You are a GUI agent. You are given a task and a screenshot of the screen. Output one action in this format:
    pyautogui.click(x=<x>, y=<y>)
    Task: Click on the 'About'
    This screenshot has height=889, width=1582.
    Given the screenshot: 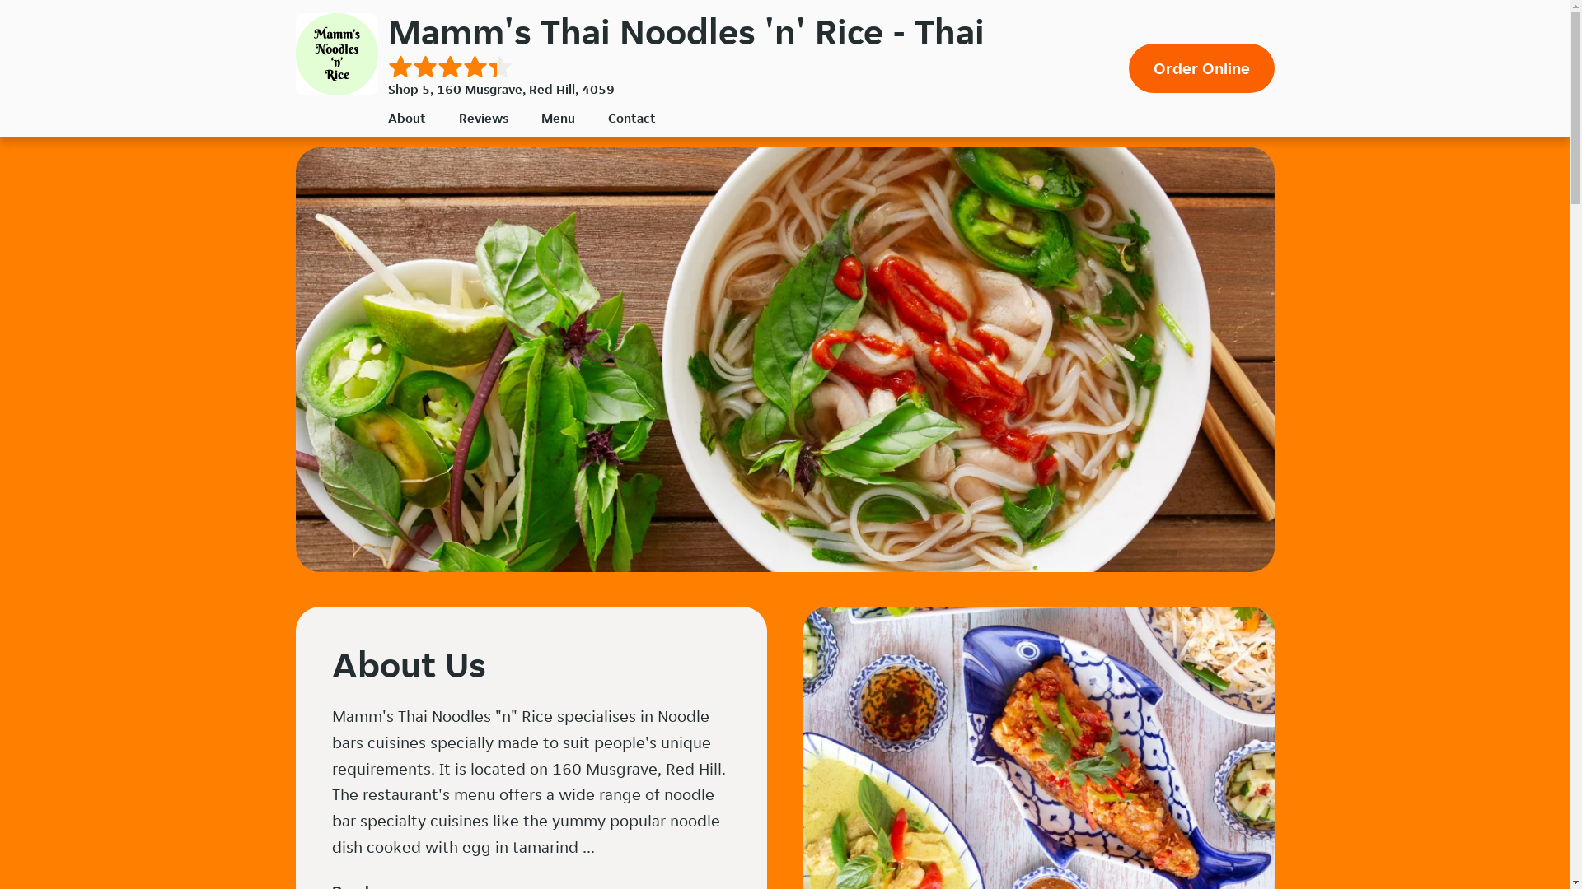 What is the action you would take?
    pyautogui.click(x=406, y=117)
    